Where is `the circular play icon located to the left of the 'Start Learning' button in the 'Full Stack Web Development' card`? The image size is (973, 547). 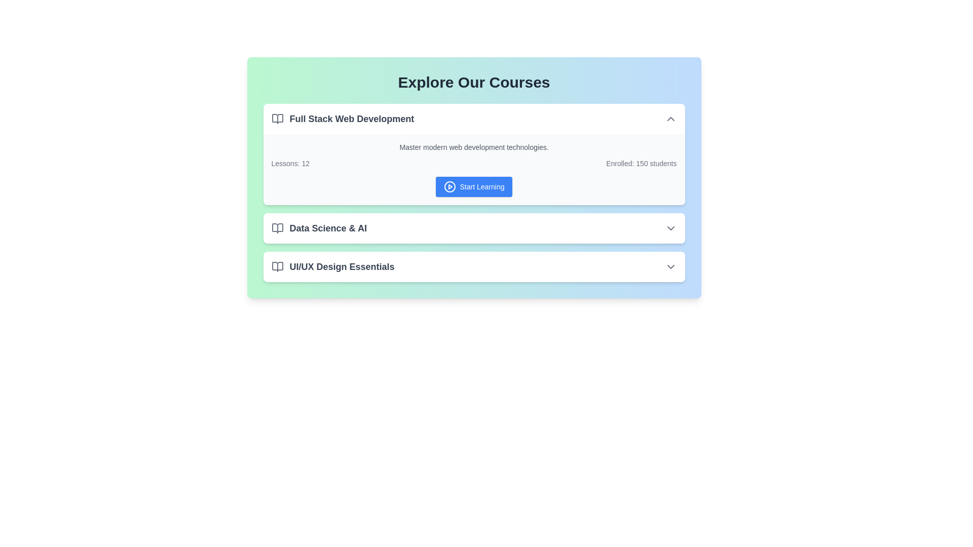 the circular play icon located to the left of the 'Start Learning' button in the 'Full Stack Web Development' card is located at coordinates (449, 187).